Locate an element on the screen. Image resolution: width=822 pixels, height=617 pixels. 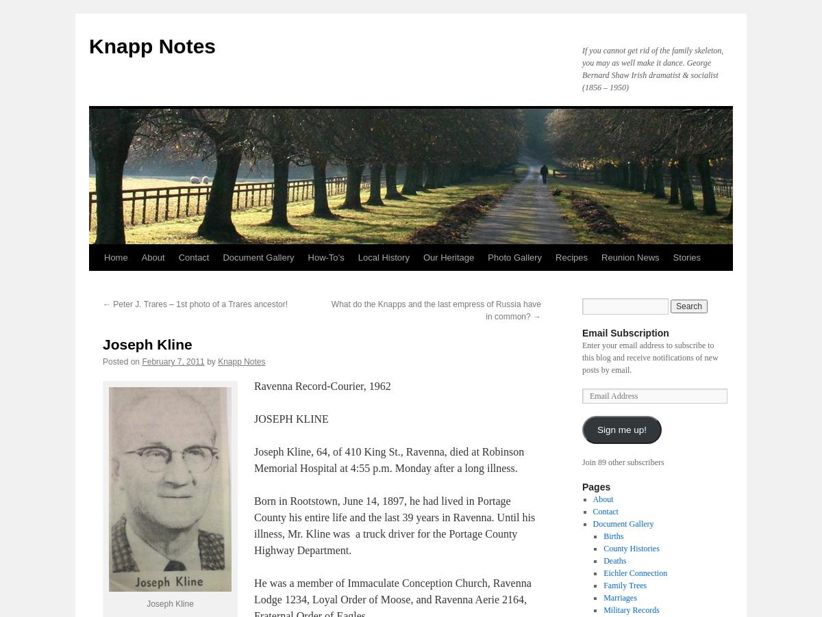
'Deaths' is located at coordinates (603, 560).